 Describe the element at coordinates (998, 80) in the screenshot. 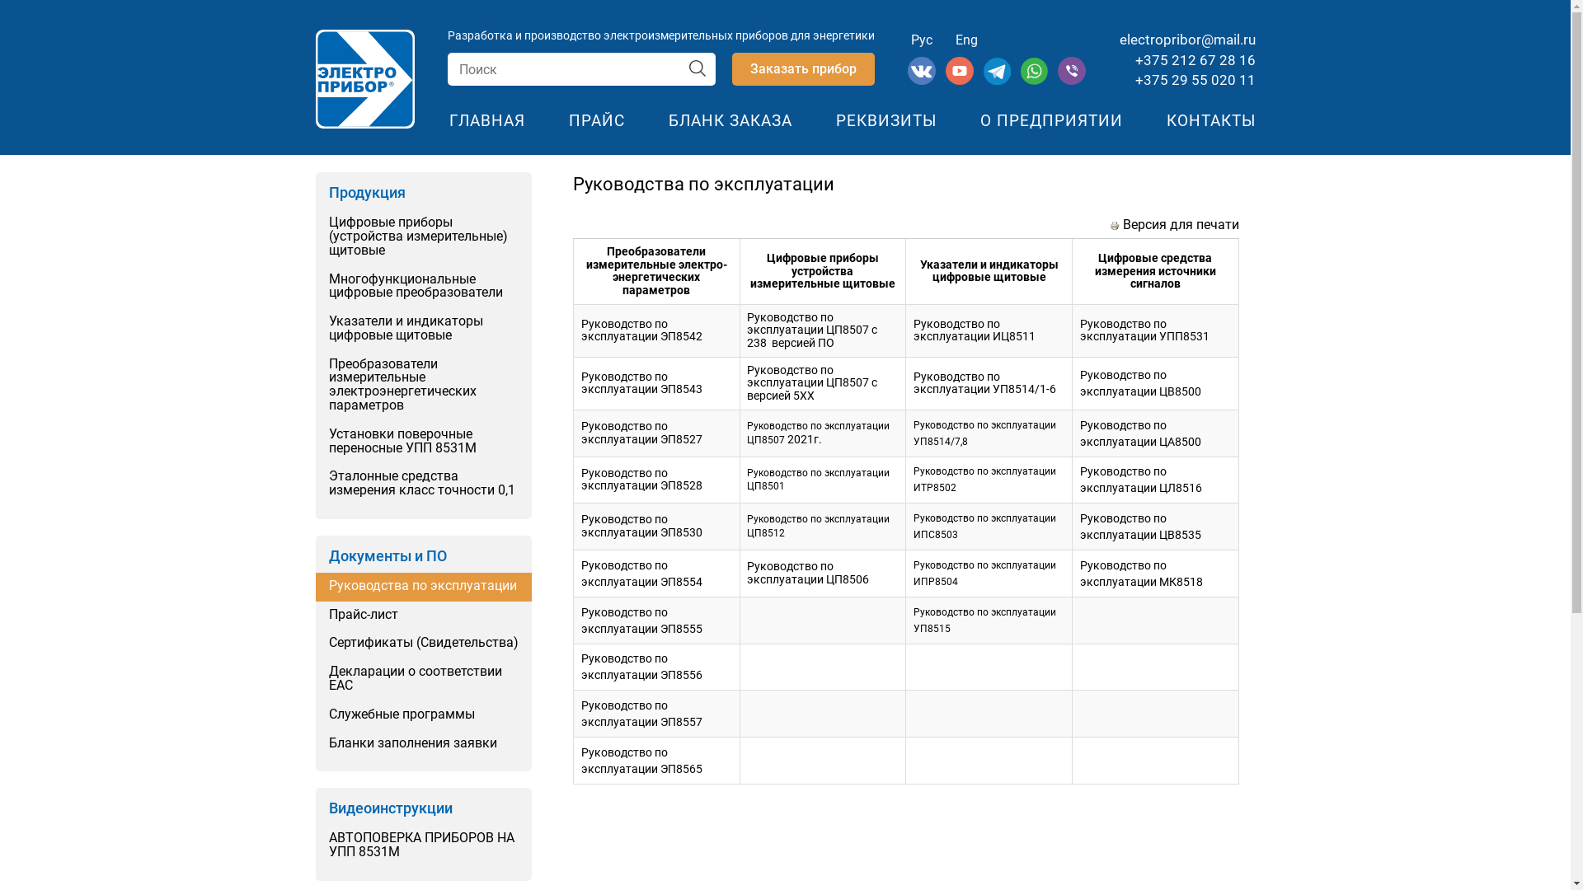

I see `'Telegram'` at that location.